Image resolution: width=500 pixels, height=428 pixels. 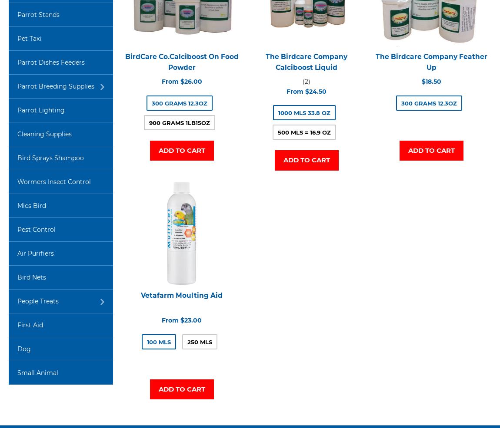 What do you see at coordinates (159, 342) in the screenshot?
I see `'100 mls'` at bounding box center [159, 342].